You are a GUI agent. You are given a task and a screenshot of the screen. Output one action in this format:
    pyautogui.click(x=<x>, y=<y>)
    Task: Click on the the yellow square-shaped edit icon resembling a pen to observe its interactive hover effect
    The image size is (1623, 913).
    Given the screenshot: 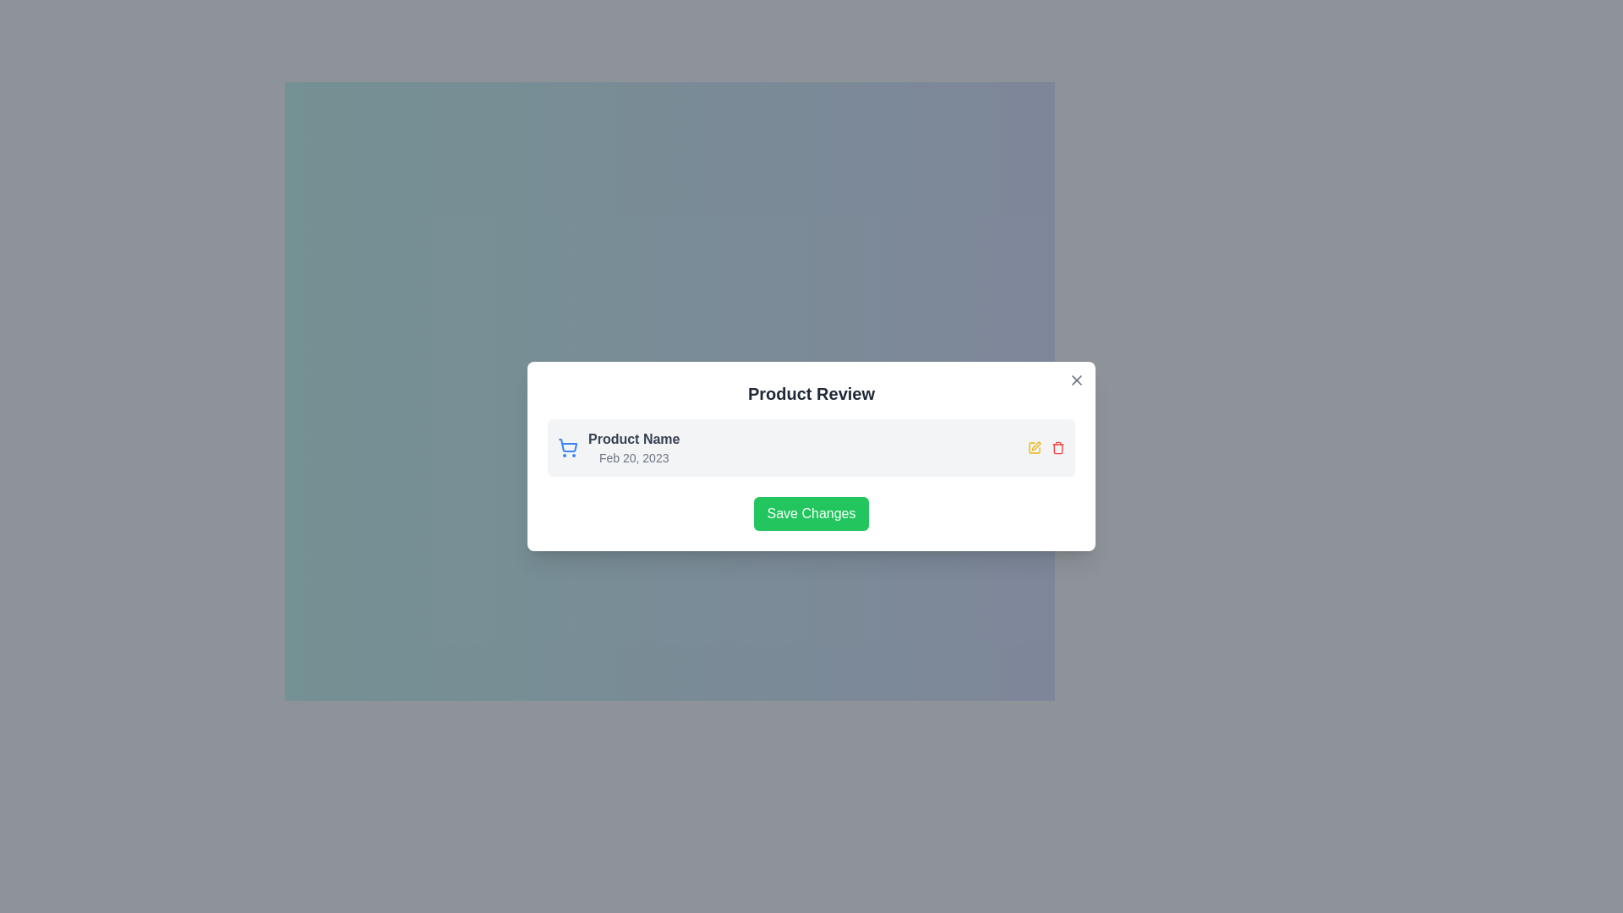 What is the action you would take?
    pyautogui.click(x=1034, y=446)
    